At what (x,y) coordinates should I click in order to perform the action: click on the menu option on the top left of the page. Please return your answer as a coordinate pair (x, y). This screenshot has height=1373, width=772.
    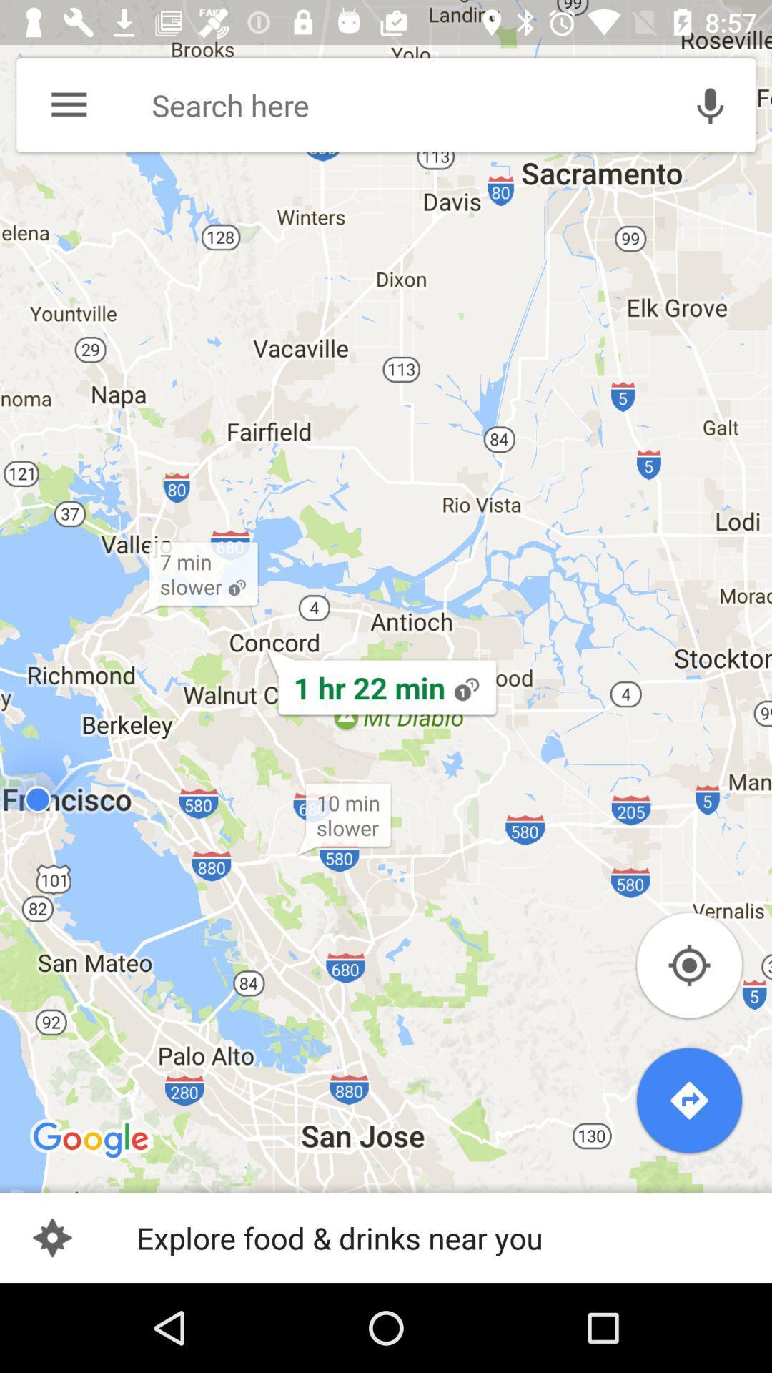
    Looking at the image, I should click on (69, 104).